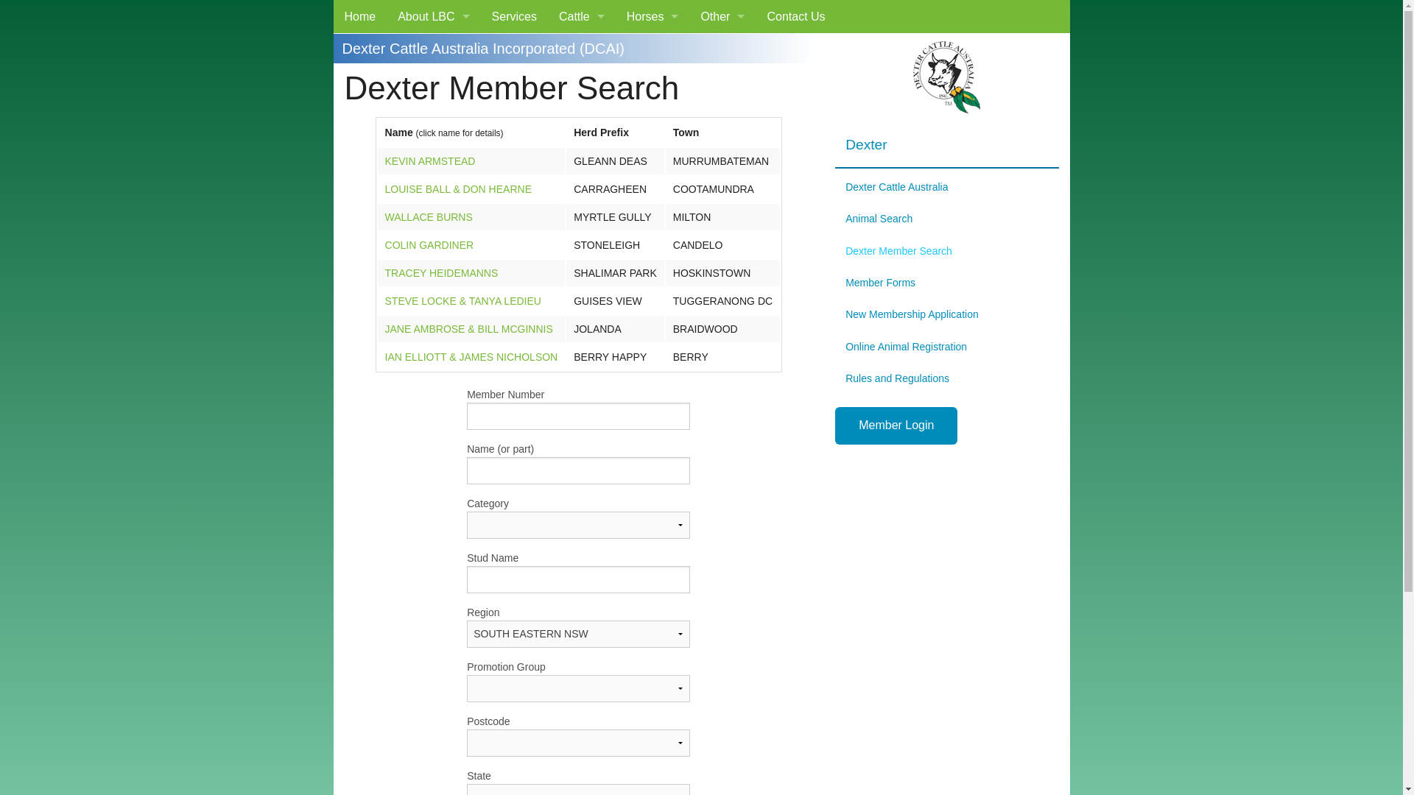 The image size is (1414, 795). I want to click on 'Other', so click(722, 16).